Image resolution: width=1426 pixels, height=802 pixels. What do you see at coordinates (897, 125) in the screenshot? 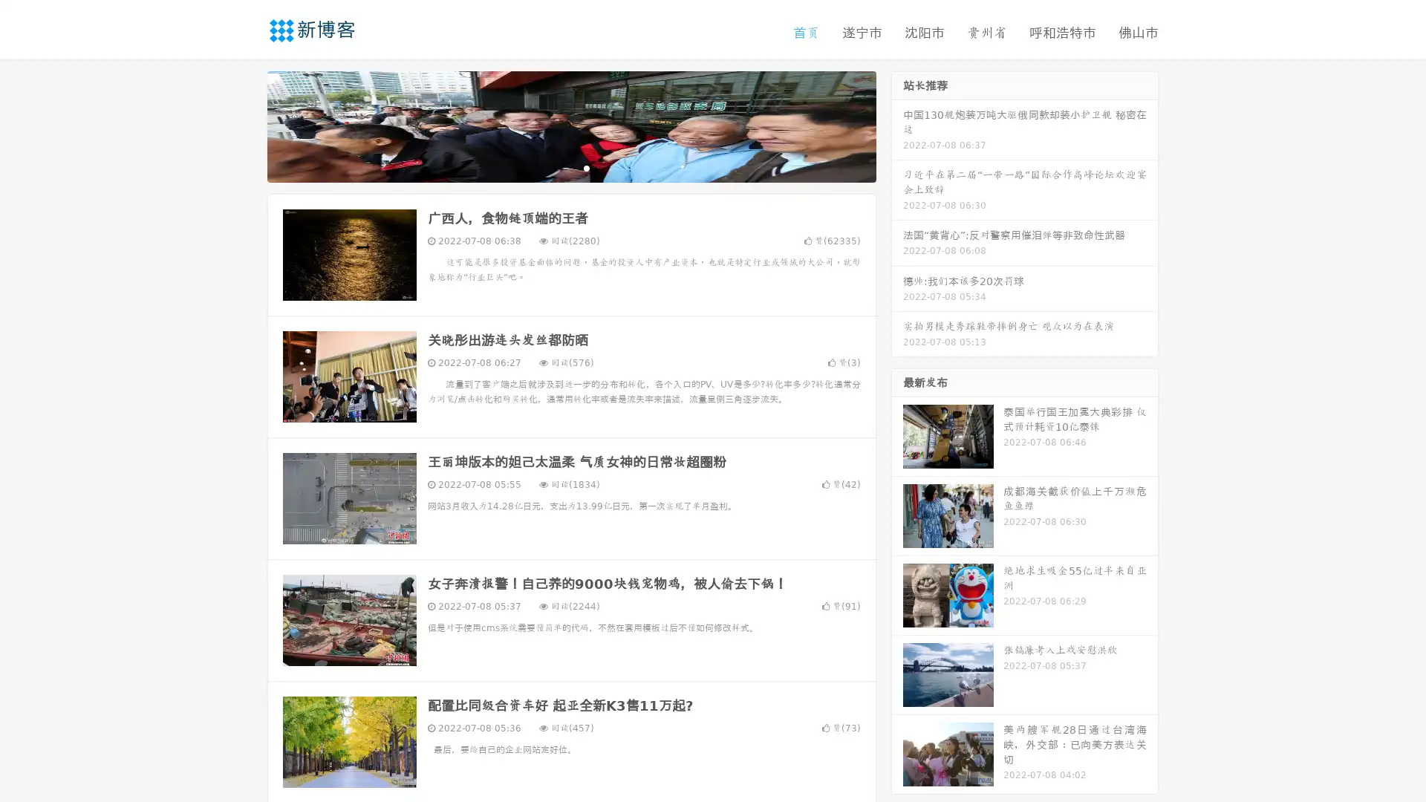
I see `Next slide` at bounding box center [897, 125].